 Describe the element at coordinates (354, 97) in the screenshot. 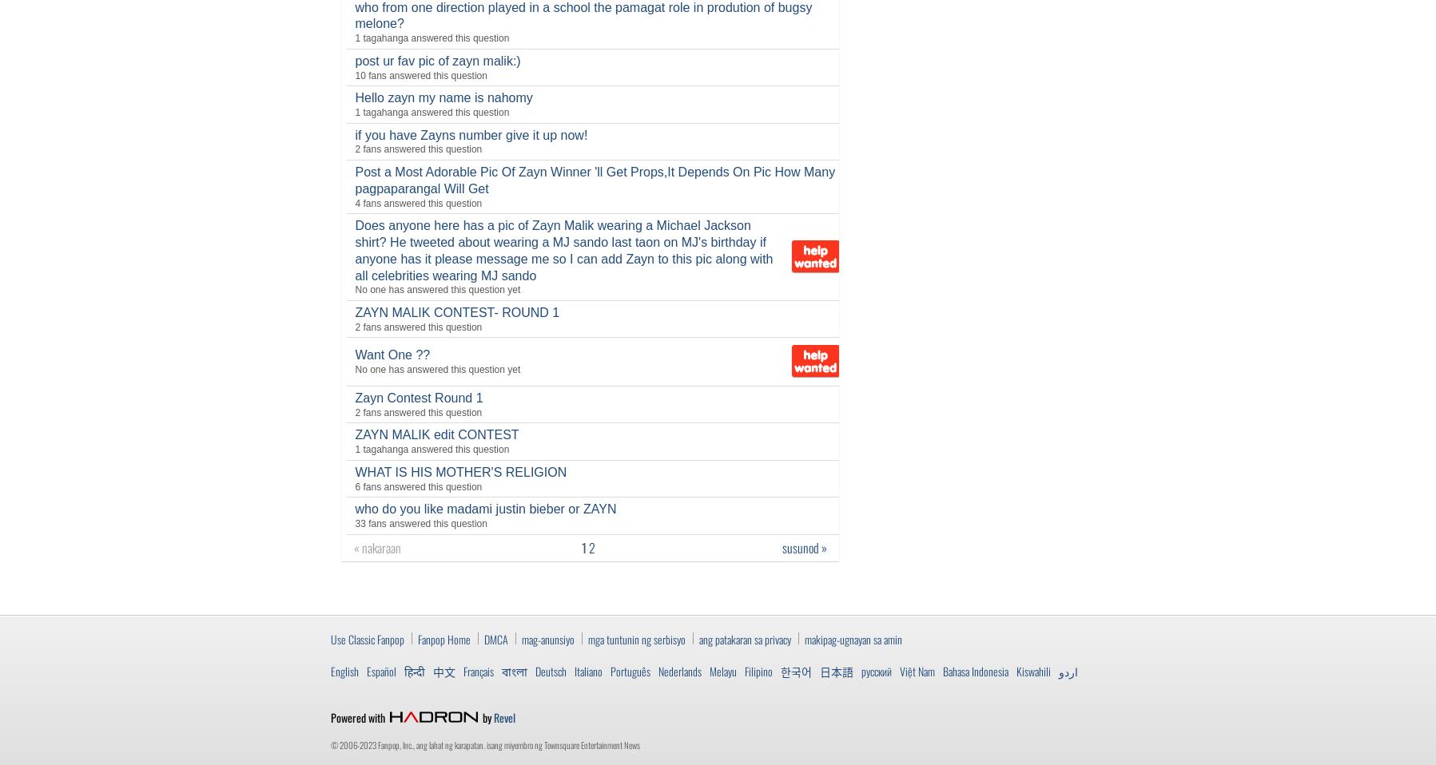

I see `'Hello zayn my name is nahomy'` at that location.